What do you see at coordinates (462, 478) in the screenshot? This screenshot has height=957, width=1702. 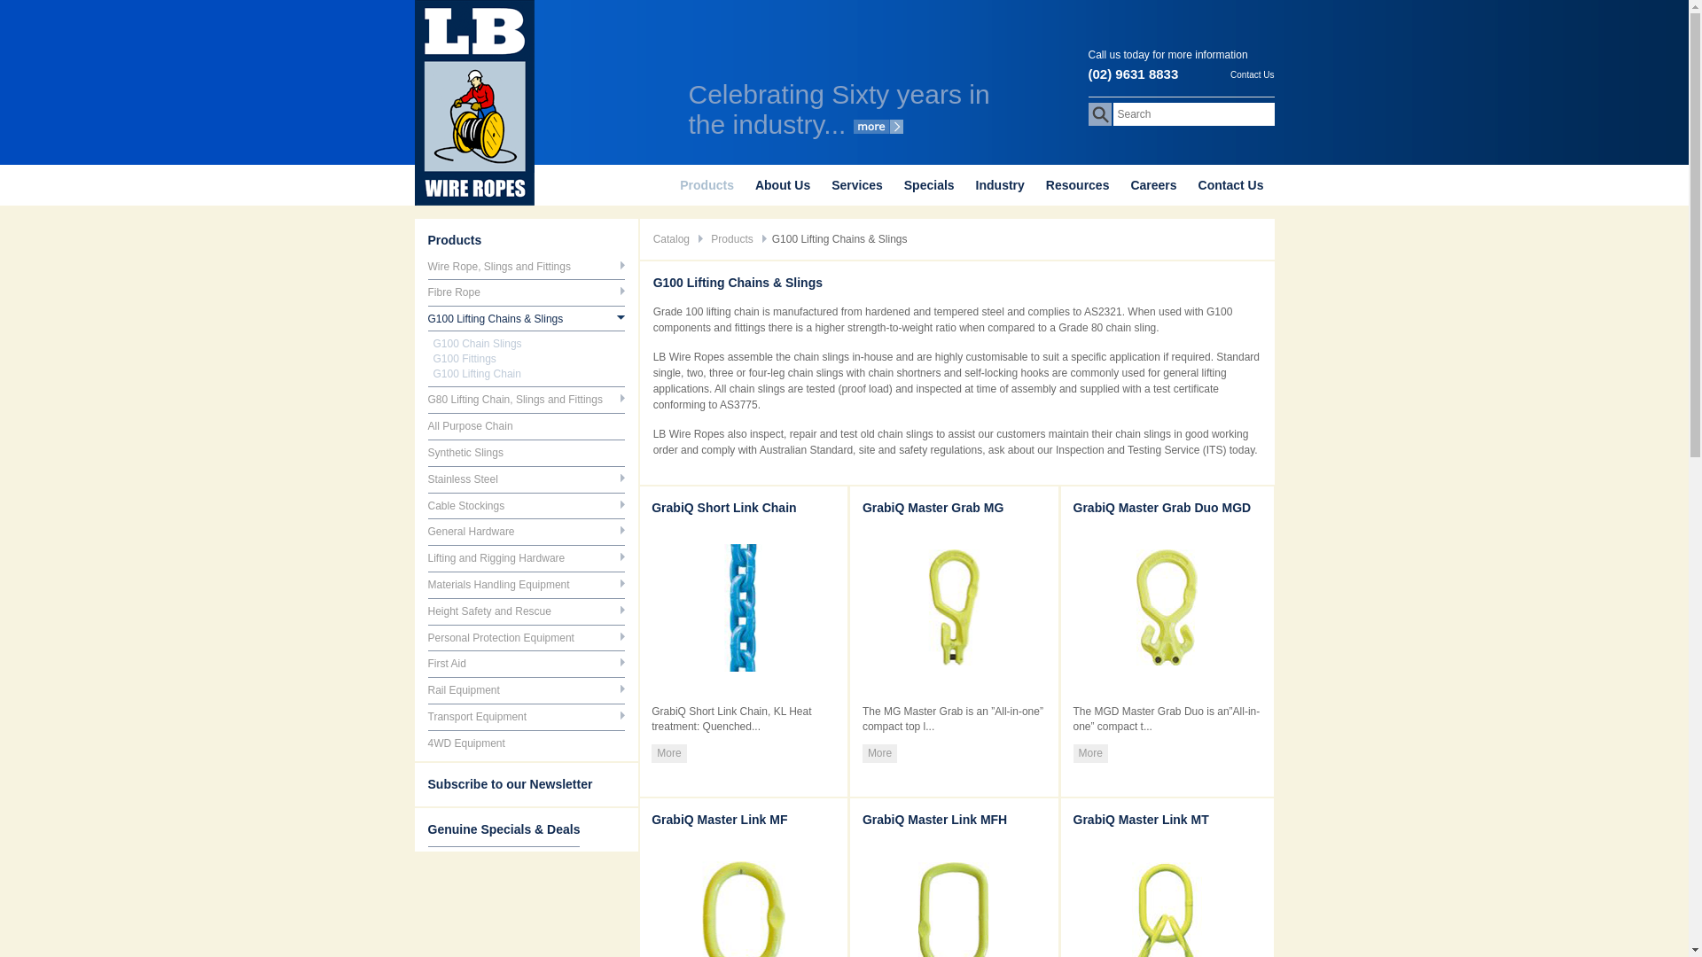 I see `'Stainless Steel'` at bounding box center [462, 478].